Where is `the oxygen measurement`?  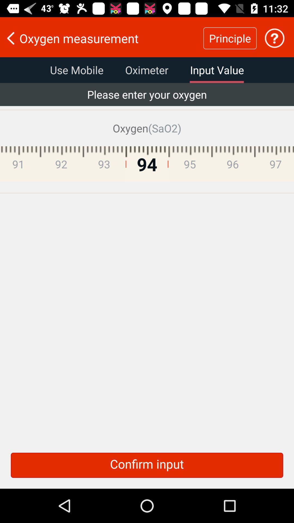 the oxygen measurement is located at coordinates (102, 38).